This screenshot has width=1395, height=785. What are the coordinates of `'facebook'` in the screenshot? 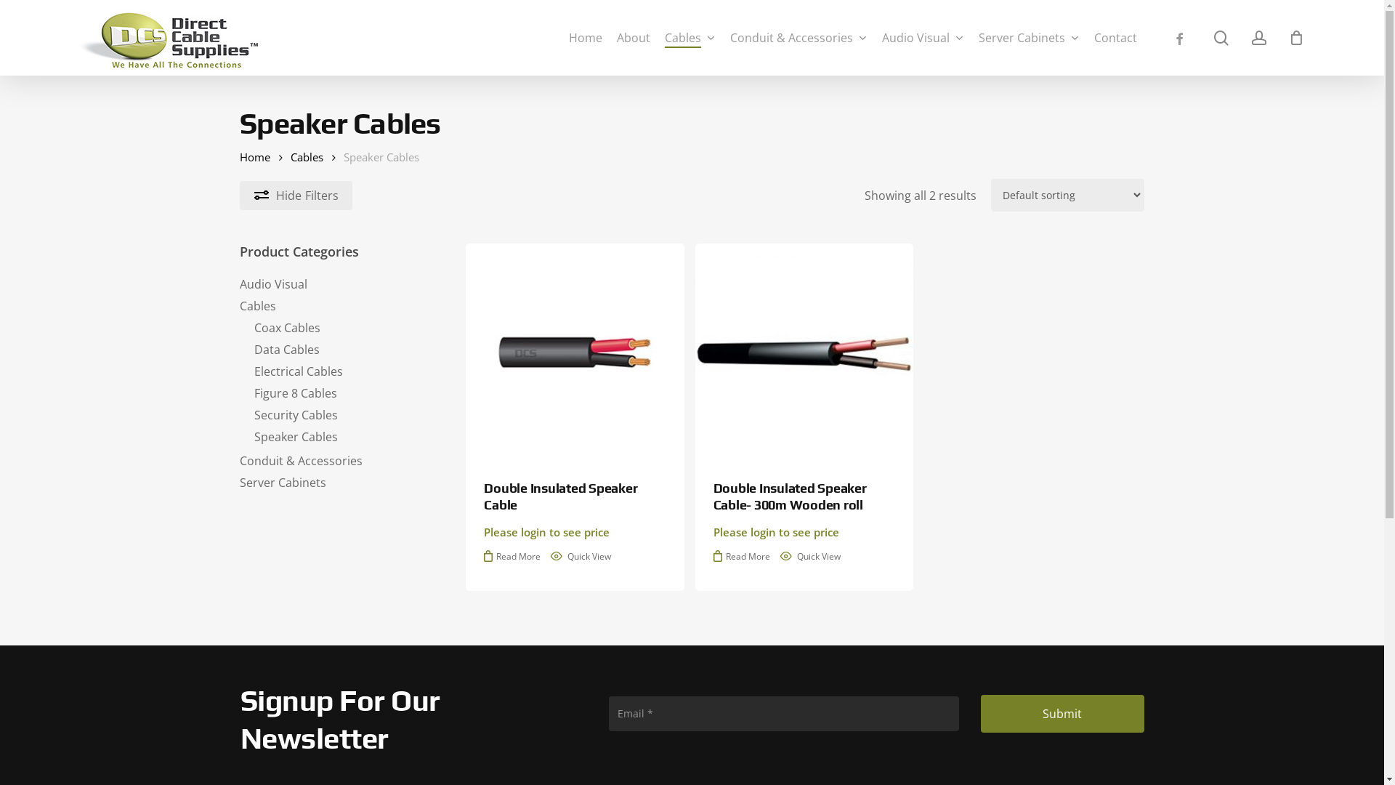 It's located at (1178, 36).